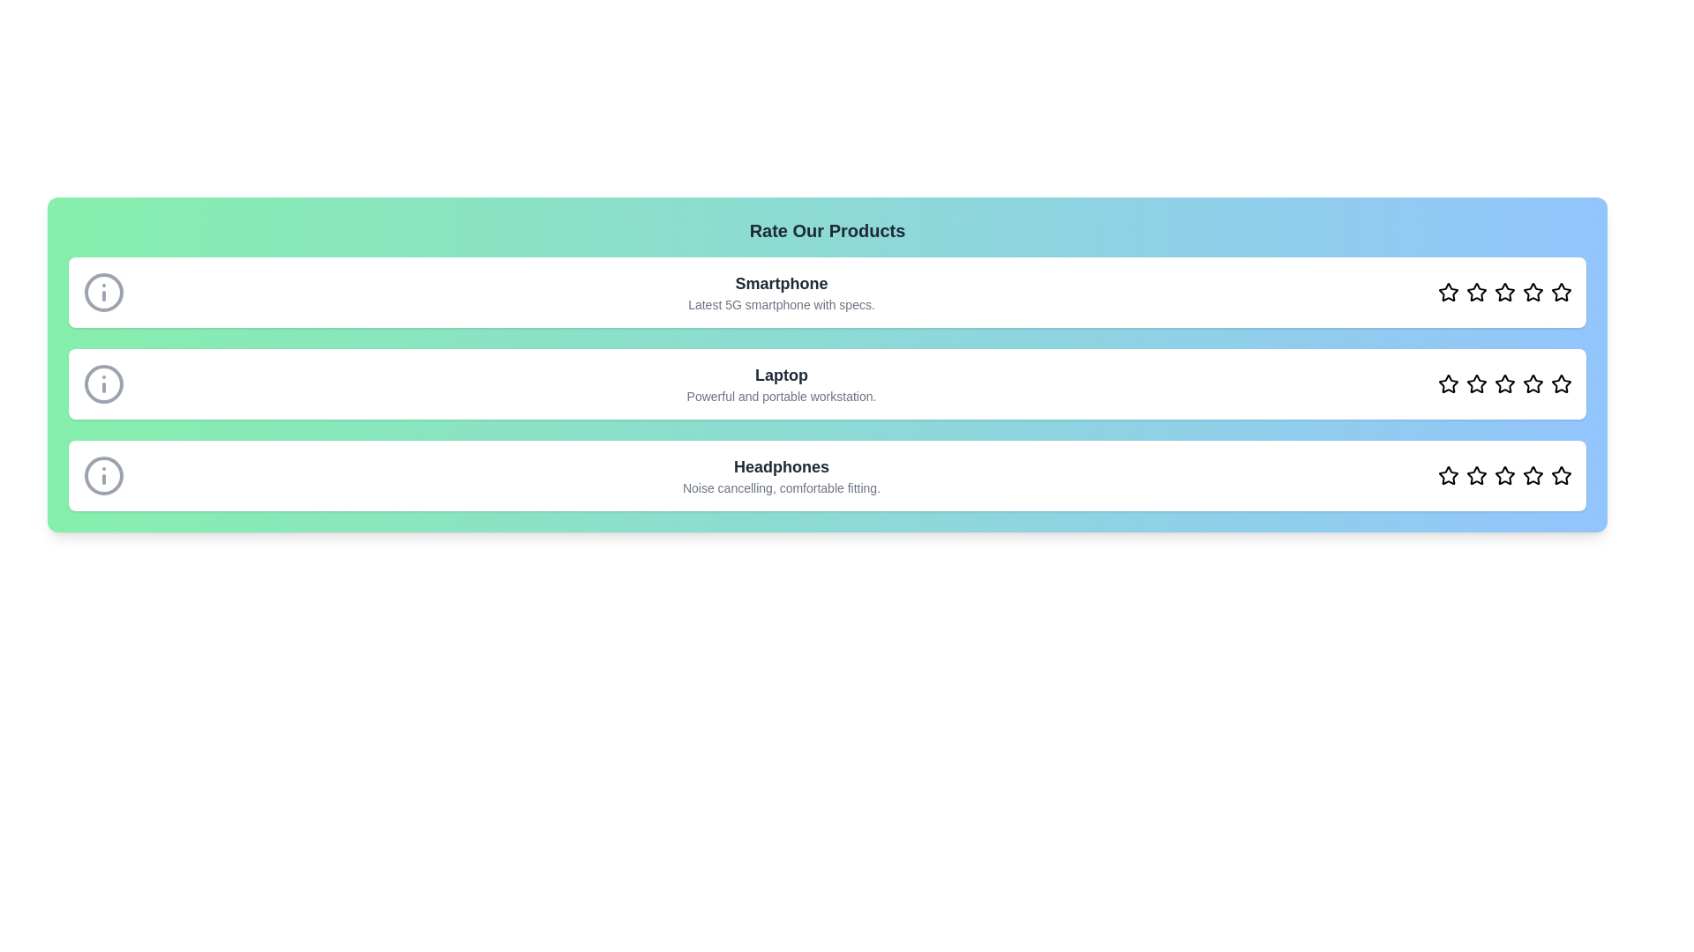 The width and height of the screenshot is (1694, 952). What do you see at coordinates (1503, 476) in the screenshot?
I see `the row of five hollow star icons used for rating under the 'Headphones' section, adjacent to the descriptive text 'Noise cancelling, comfortable fitting.'` at bounding box center [1503, 476].